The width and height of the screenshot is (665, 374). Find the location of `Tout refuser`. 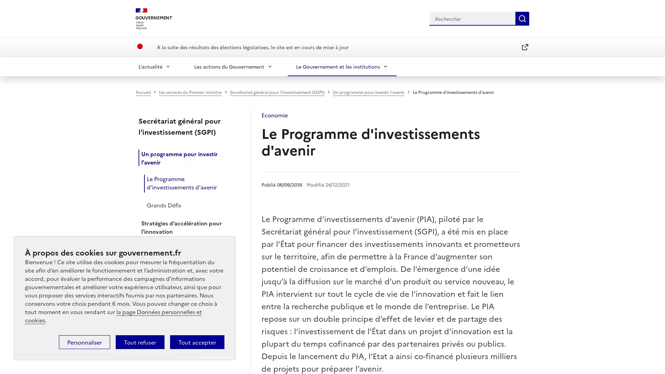

Tout refuser is located at coordinates (140, 341).